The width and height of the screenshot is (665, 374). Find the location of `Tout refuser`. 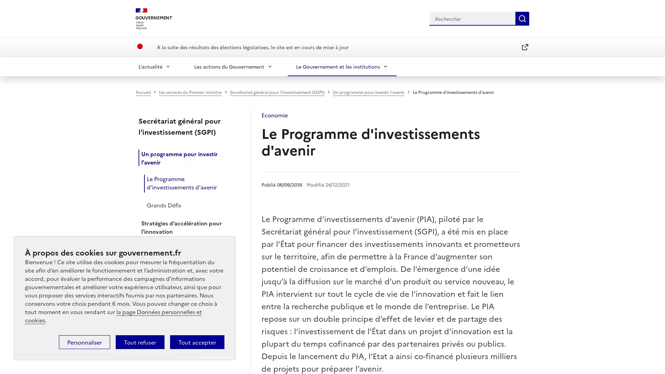

Tout refuser is located at coordinates (140, 341).